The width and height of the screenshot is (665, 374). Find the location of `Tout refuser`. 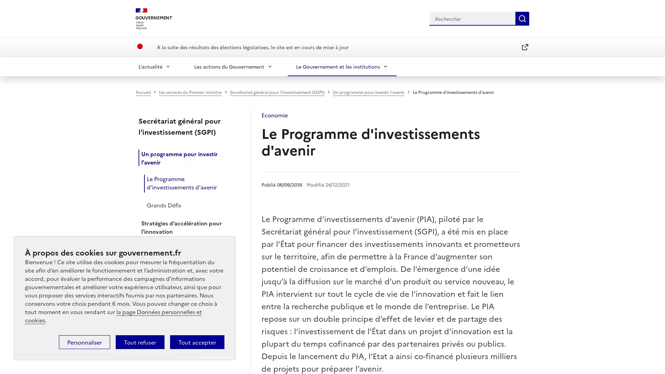

Tout refuser is located at coordinates (140, 341).